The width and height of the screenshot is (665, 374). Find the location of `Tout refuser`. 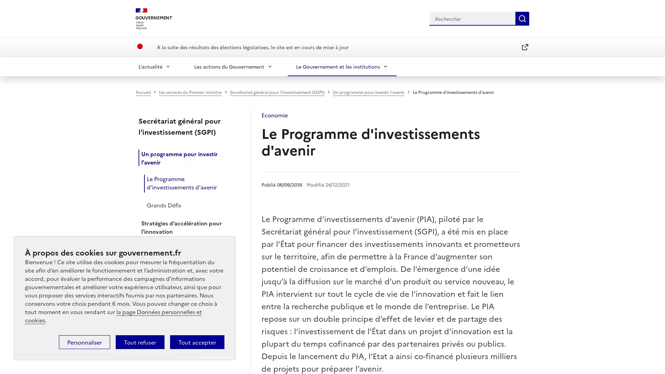

Tout refuser is located at coordinates (140, 341).